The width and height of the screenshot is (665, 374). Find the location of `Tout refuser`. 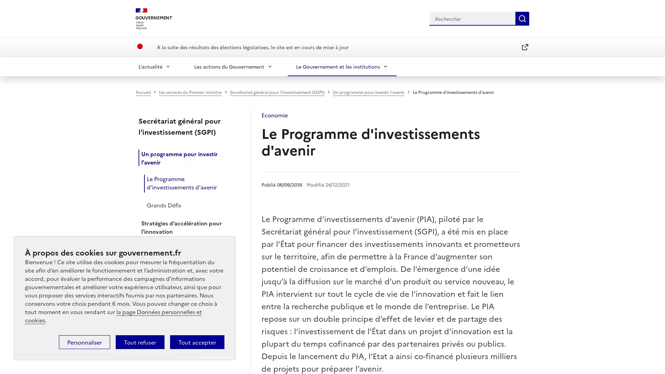

Tout refuser is located at coordinates (140, 341).